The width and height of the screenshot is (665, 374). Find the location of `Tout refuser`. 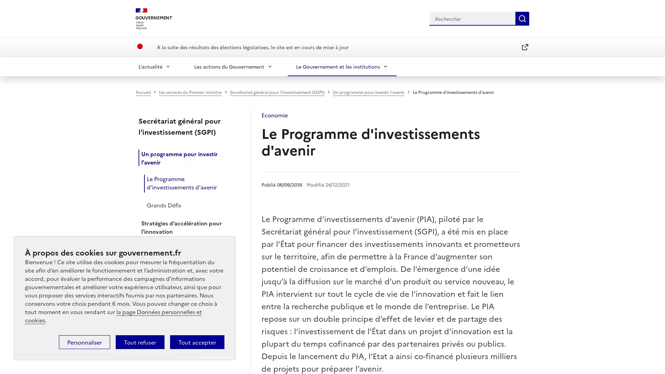

Tout refuser is located at coordinates (140, 341).